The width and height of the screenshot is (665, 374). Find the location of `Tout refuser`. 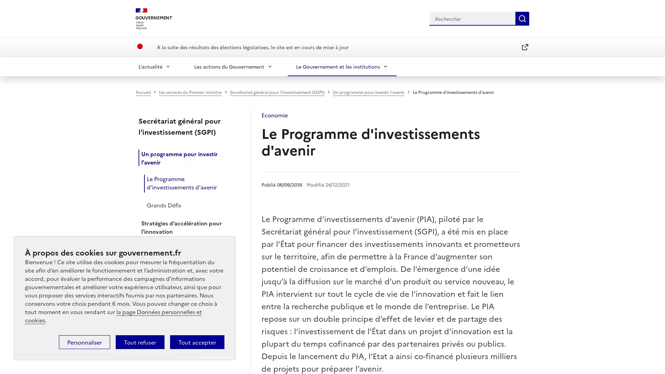

Tout refuser is located at coordinates (140, 341).